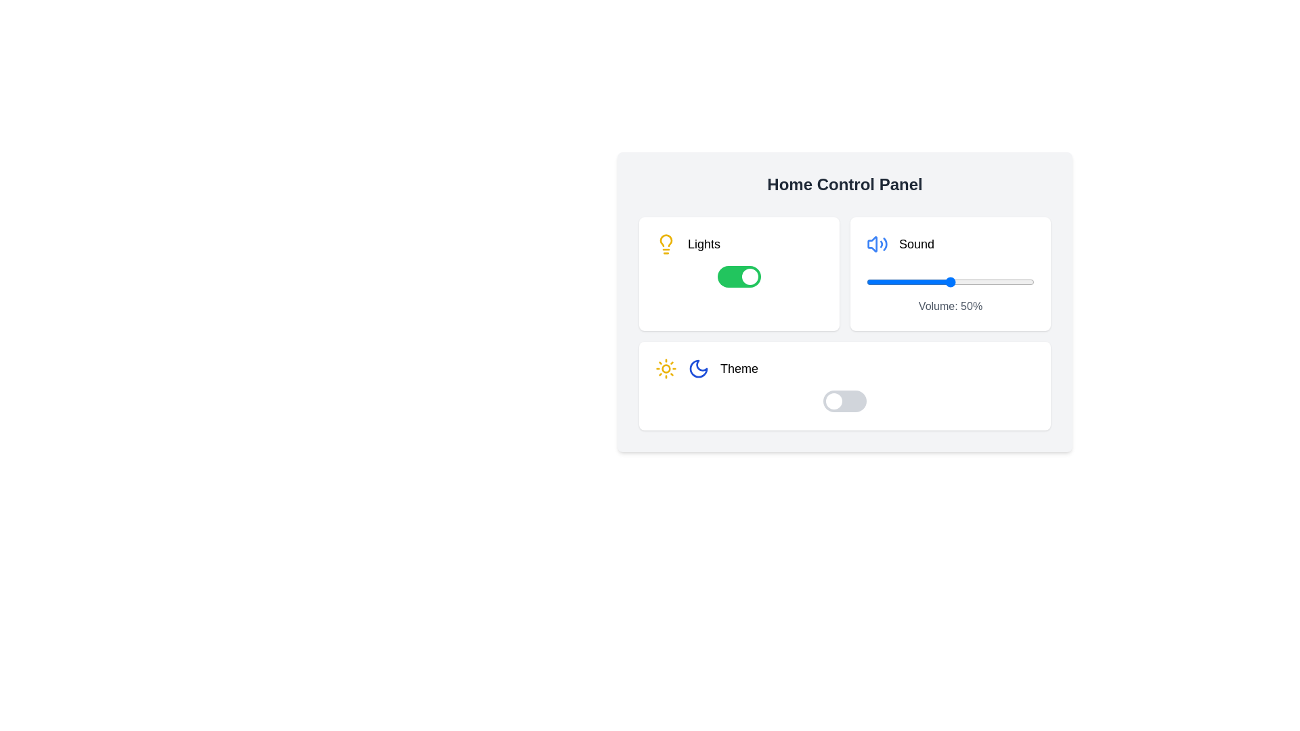 Image resolution: width=1300 pixels, height=731 pixels. What do you see at coordinates (892, 281) in the screenshot?
I see `the volume` at bounding box center [892, 281].